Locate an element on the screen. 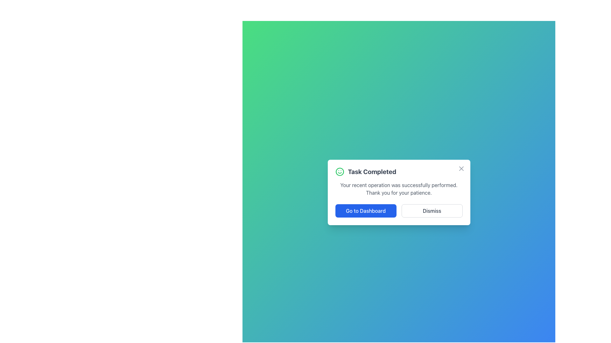 This screenshot has width=611, height=343. the Text Label that indicates task completion, which is located in the upper section of the modal dialog, next to a green smiley symbol is located at coordinates (372, 171).